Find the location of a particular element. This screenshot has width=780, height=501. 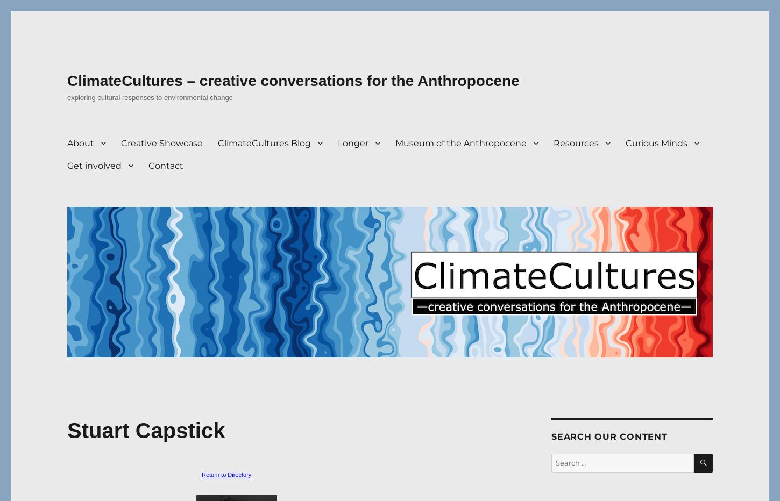

'exploring cultural responses to environmental change' is located at coordinates (150, 97).